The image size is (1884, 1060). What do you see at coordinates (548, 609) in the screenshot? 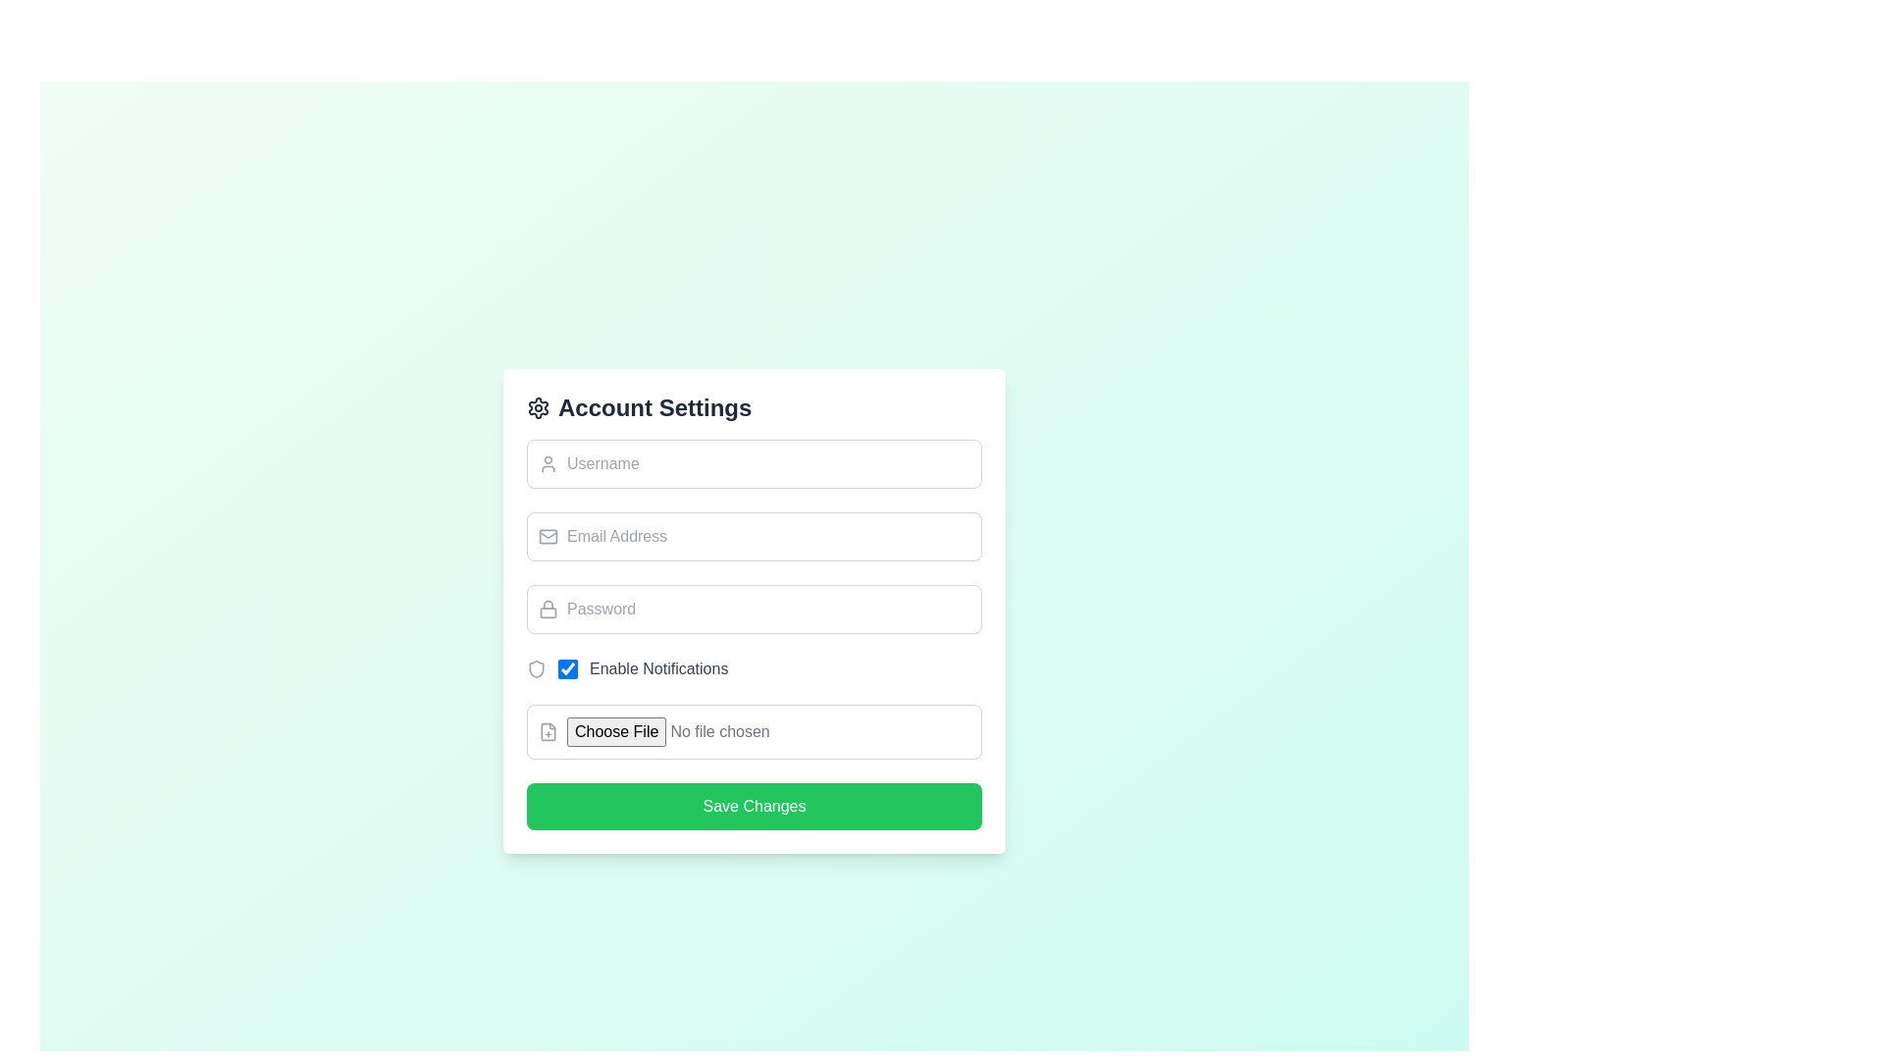
I see `the padlock icon located to the left side of the 'Password' input field, which has a minimalistic gray design` at bounding box center [548, 609].